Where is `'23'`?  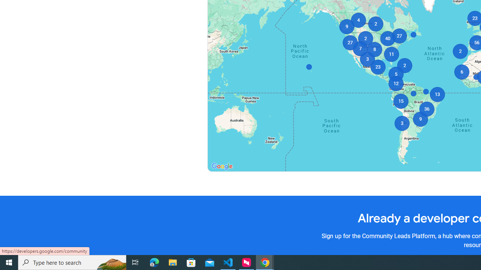
'23' is located at coordinates (378, 66).